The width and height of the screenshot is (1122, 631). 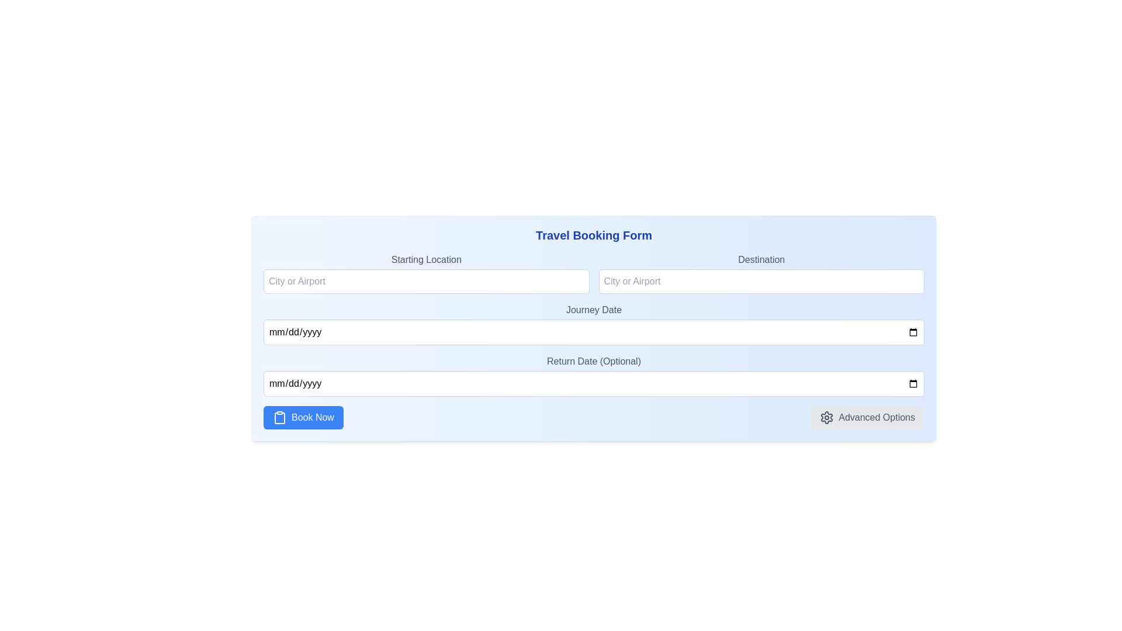 What do you see at coordinates (826, 417) in the screenshot?
I see `the icon located on the left side of the 'Advanced Options' button in the bottom-right corner of the form` at bounding box center [826, 417].